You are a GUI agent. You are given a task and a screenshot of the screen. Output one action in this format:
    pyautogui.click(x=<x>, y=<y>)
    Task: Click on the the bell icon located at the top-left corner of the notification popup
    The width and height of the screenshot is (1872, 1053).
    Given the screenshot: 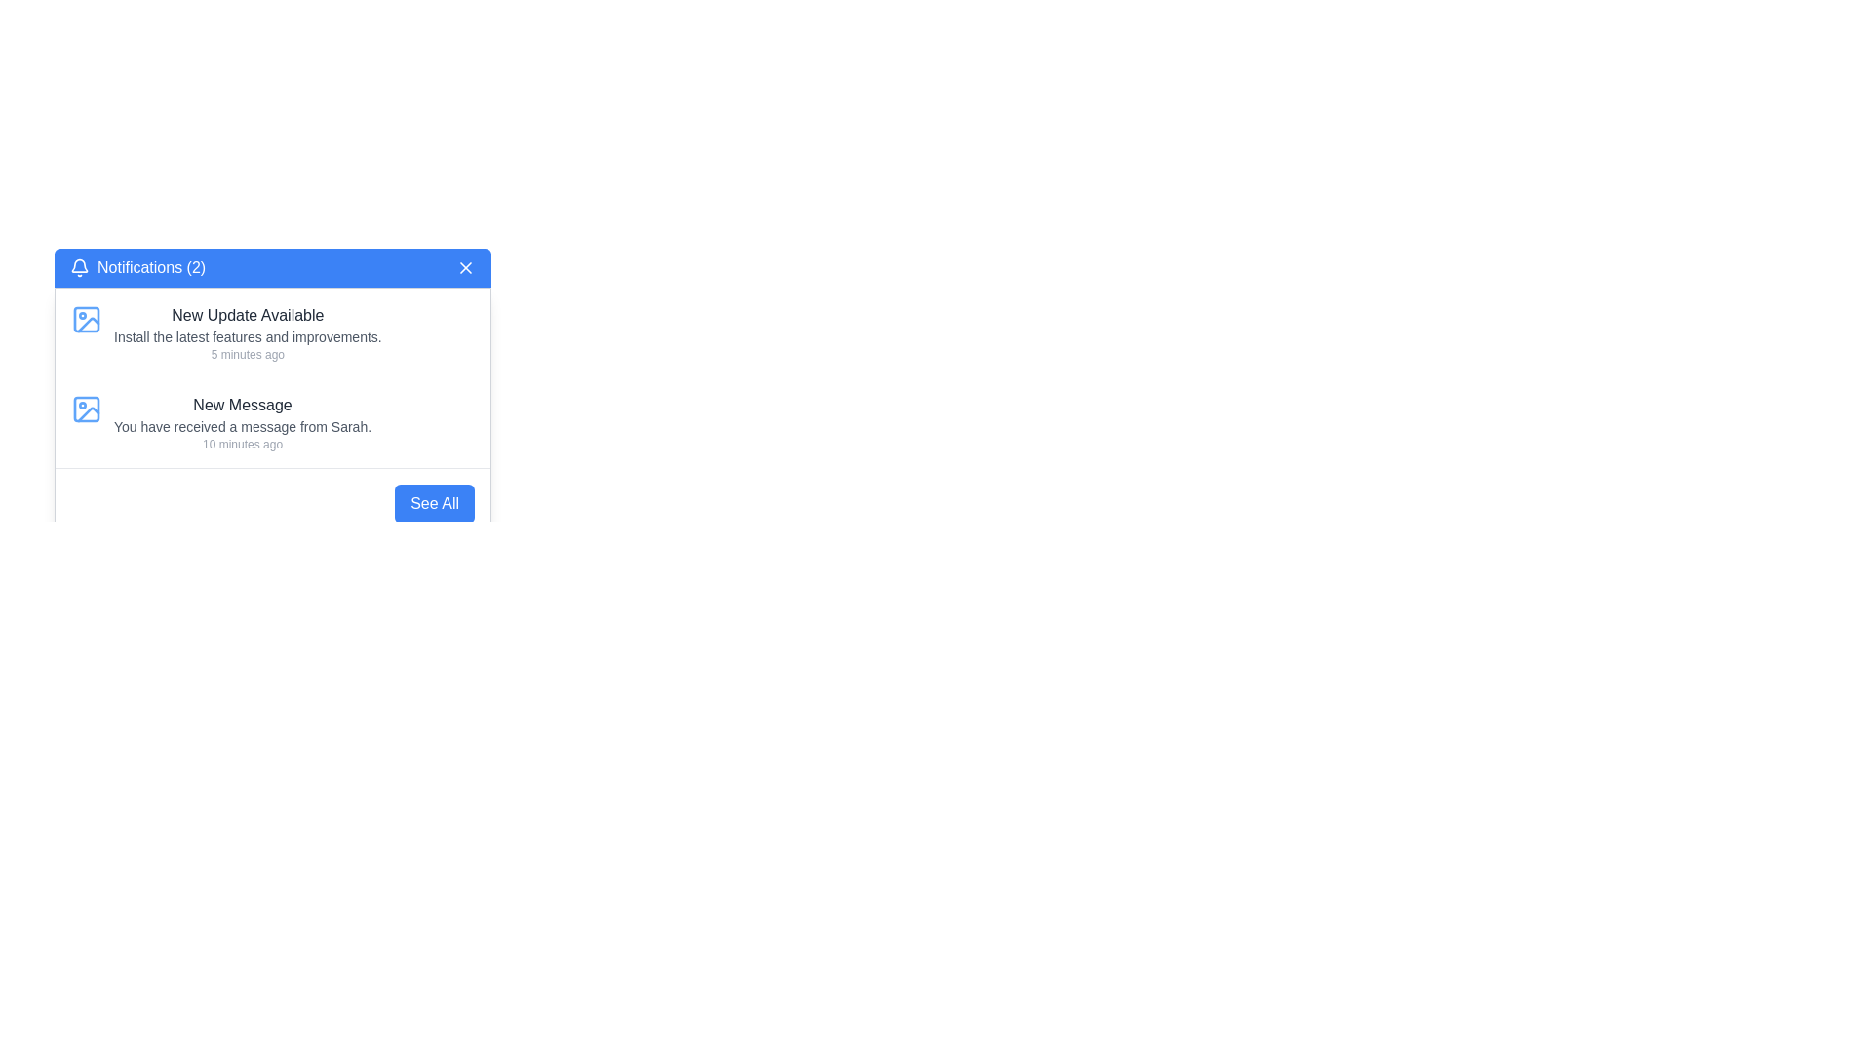 What is the action you would take?
    pyautogui.click(x=78, y=267)
    